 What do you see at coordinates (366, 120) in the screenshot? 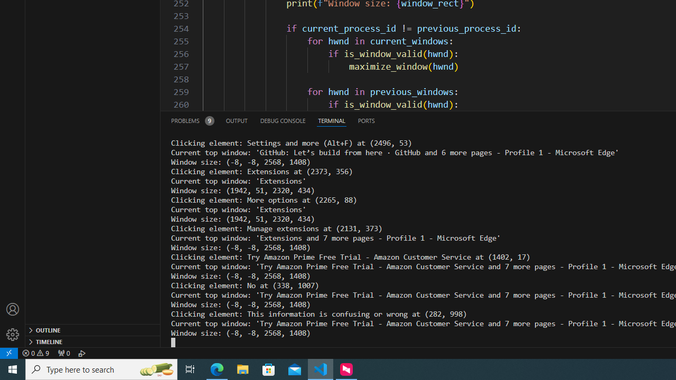
I see `'Ports'` at bounding box center [366, 120].